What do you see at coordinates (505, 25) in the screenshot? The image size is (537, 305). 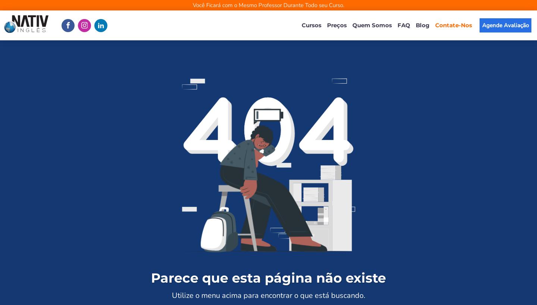 I see `'Agende Avaliação'` at bounding box center [505, 25].